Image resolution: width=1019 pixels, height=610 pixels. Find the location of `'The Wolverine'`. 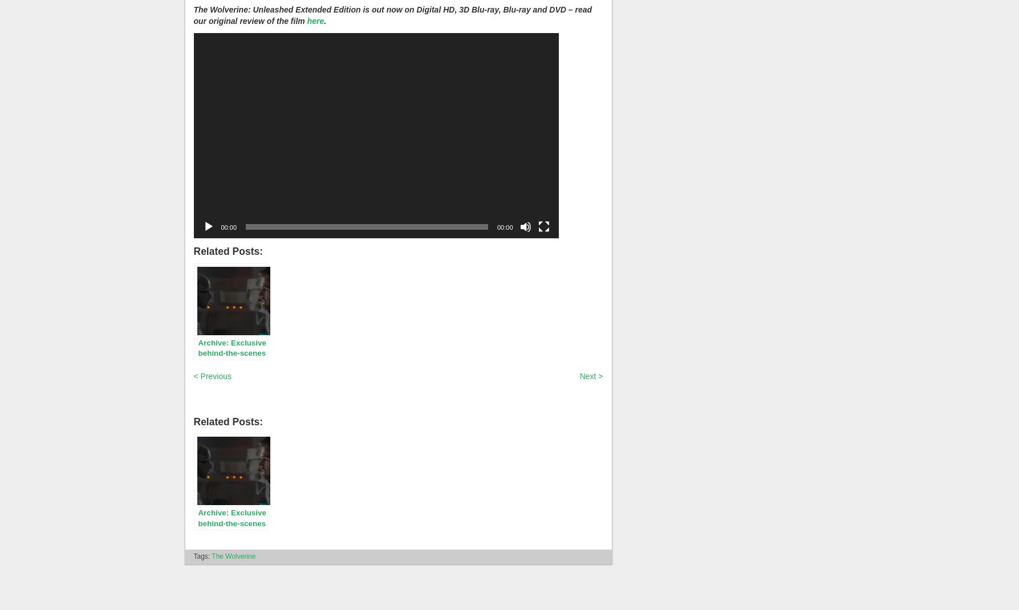

'The Wolverine' is located at coordinates (233, 555).